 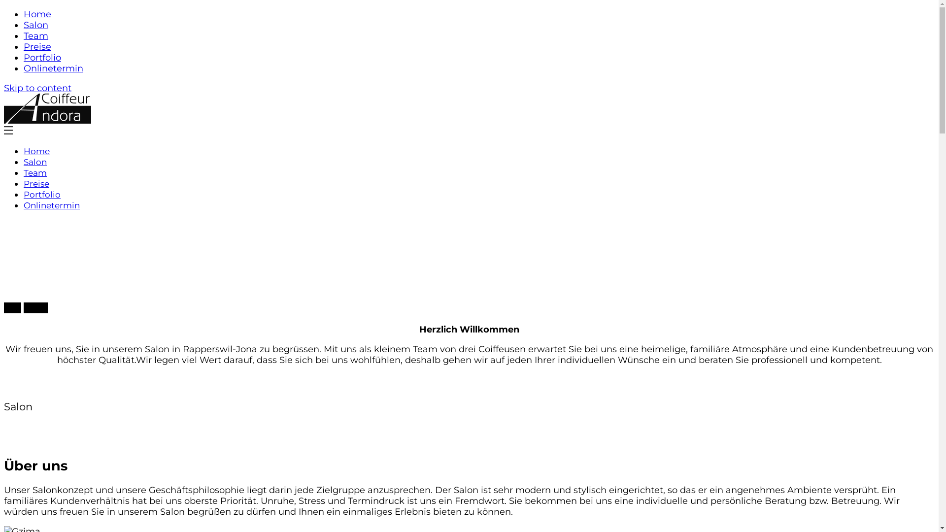 What do you see at coordinates (37, 14) in the screenshot?
I see `'Home'` at bounding box center [37, 14].